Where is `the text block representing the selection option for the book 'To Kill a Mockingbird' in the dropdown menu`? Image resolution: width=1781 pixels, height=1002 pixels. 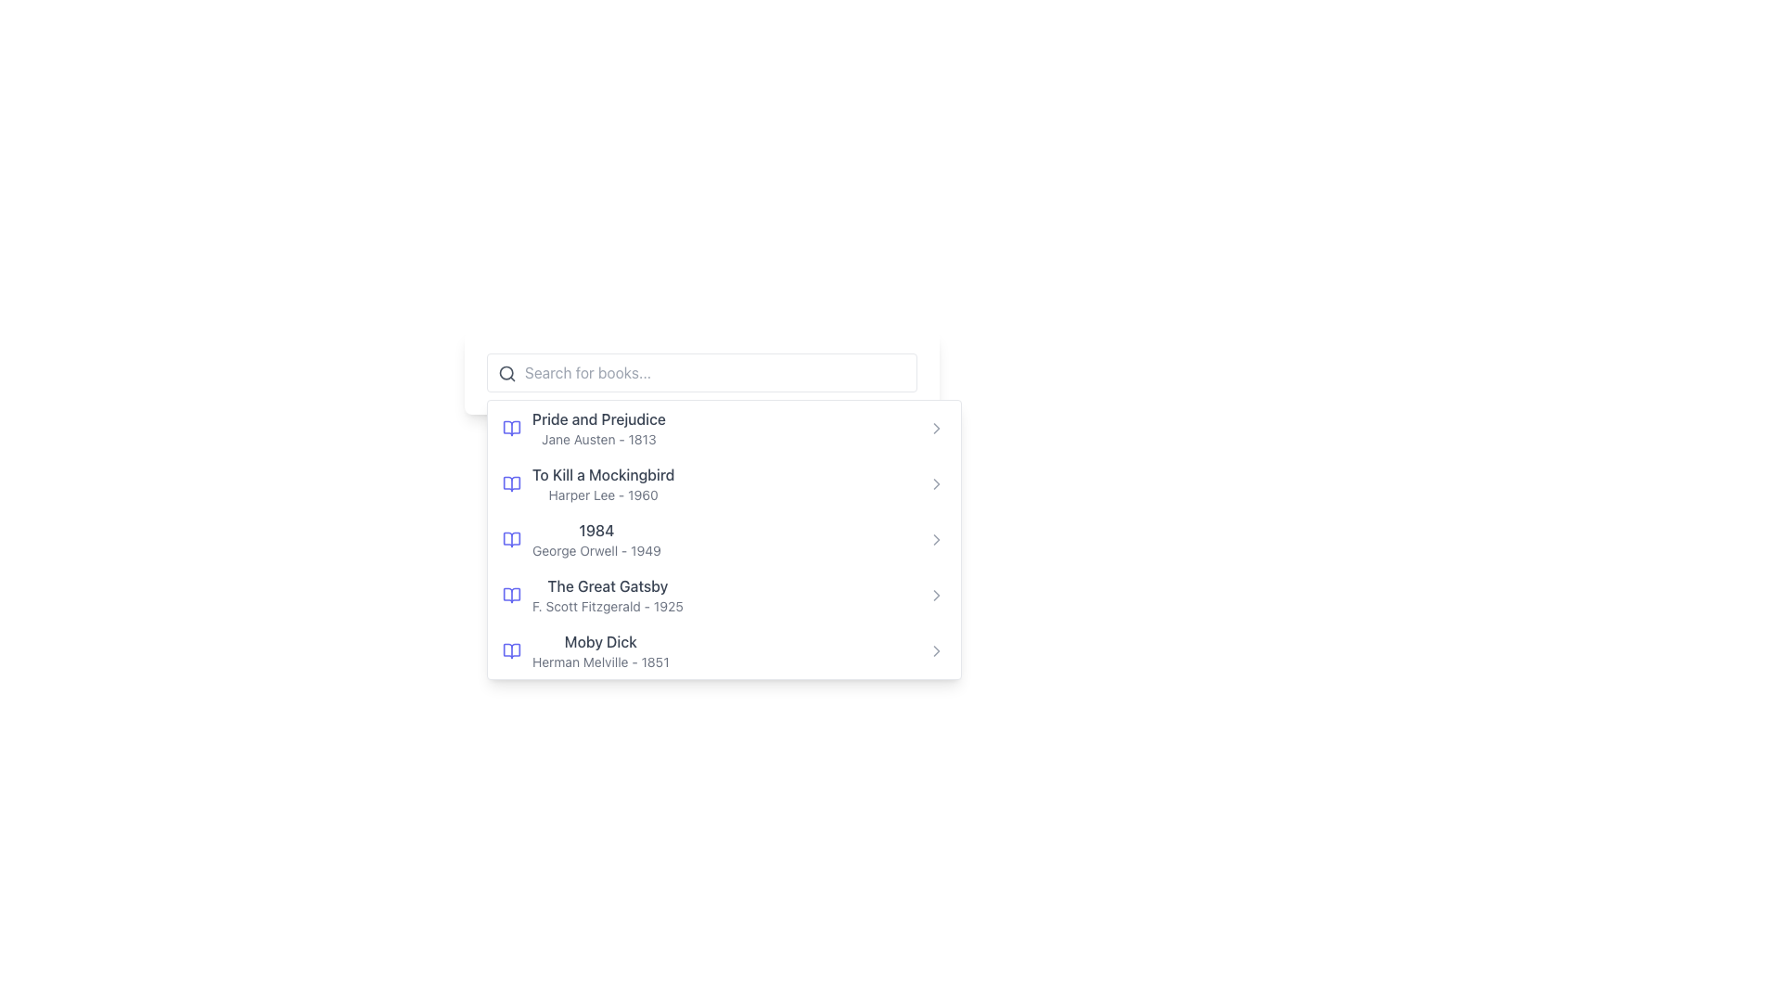 the text block representing the selection option for the book 'To Kill a Mockingbird' in the dropdown menu is located at coordinates (603, 482).